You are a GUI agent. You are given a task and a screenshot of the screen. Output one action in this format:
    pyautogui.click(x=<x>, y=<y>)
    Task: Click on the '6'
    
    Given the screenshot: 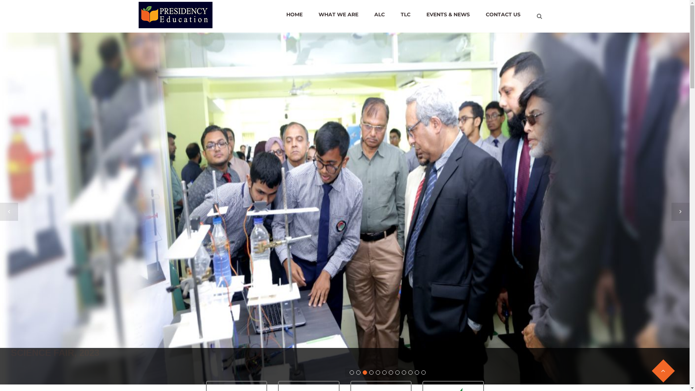 What is the action you would take?
    pyautogui.click(x=384, y=373)
    